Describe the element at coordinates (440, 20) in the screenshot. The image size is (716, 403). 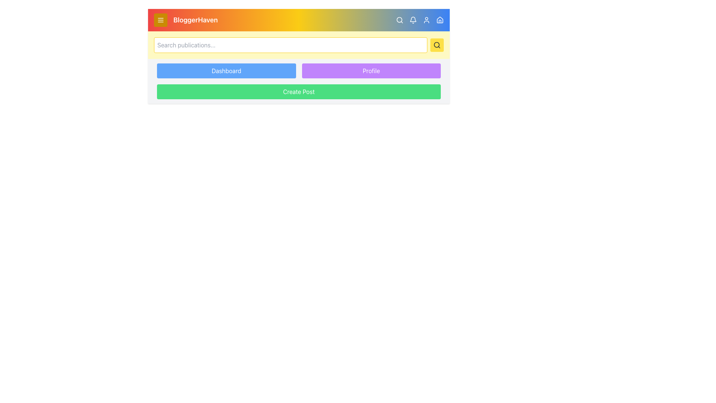
I see `the house-shaped icon button located on a blue background in the top-right section of the navigation bar` at that location.